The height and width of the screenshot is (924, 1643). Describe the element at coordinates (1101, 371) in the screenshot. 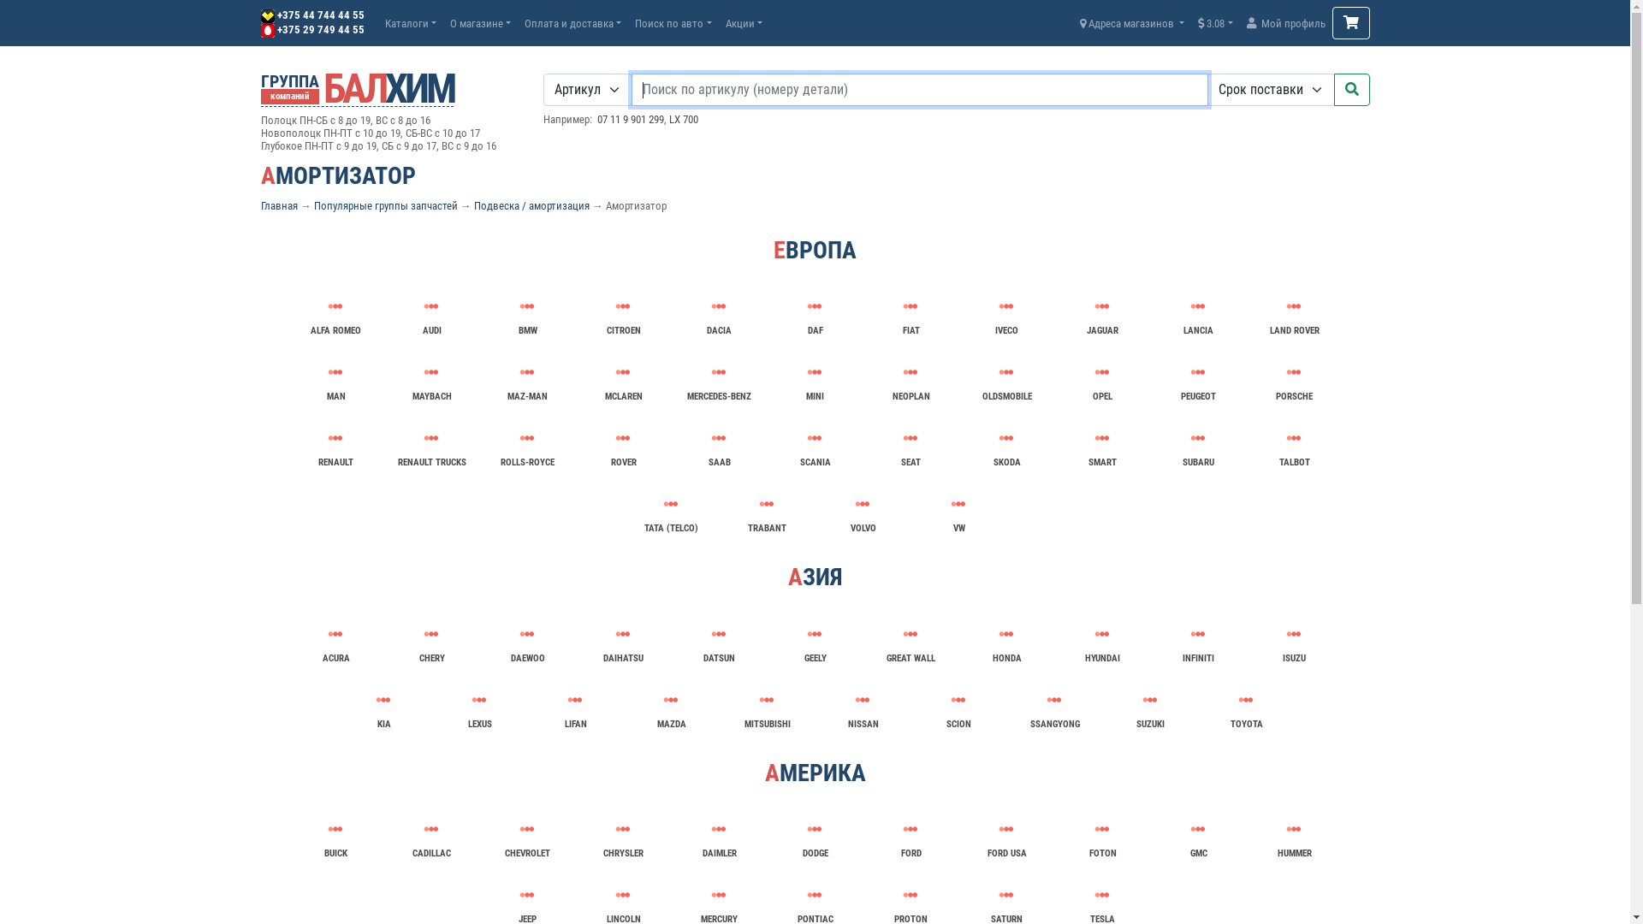

I see `'OPEL'` at that location.